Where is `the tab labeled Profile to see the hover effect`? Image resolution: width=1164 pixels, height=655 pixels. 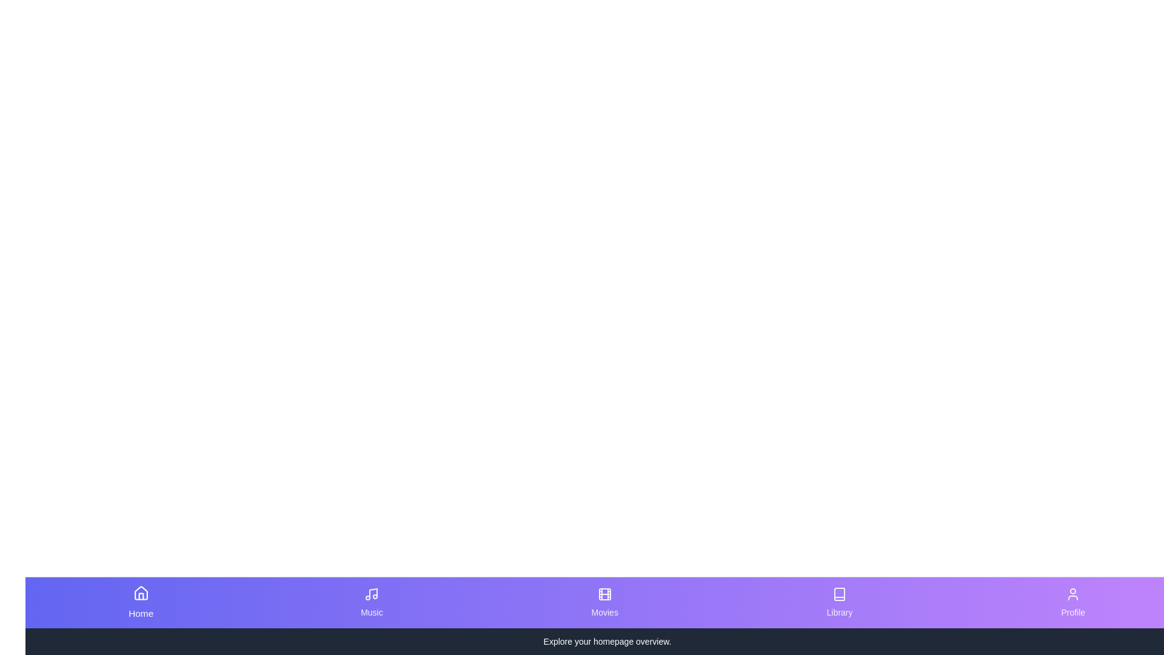 the tab labeled Profile to see the hover effect is located at coordinates (1073, 603).